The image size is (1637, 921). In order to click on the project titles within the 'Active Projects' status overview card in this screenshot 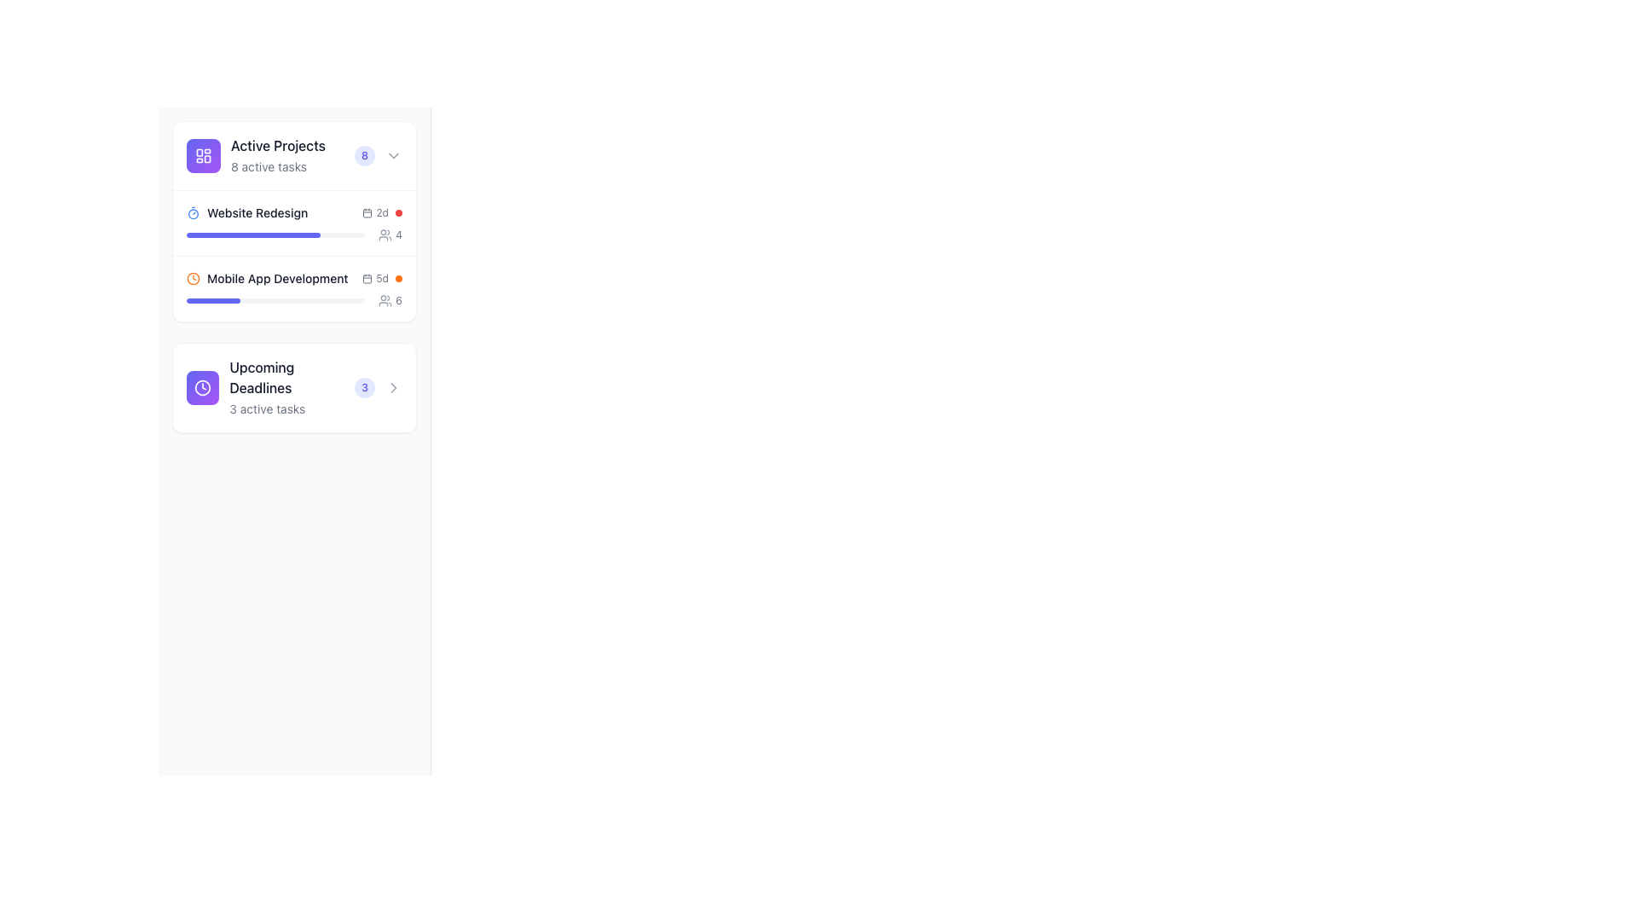, I will do `click(294, 220)`.